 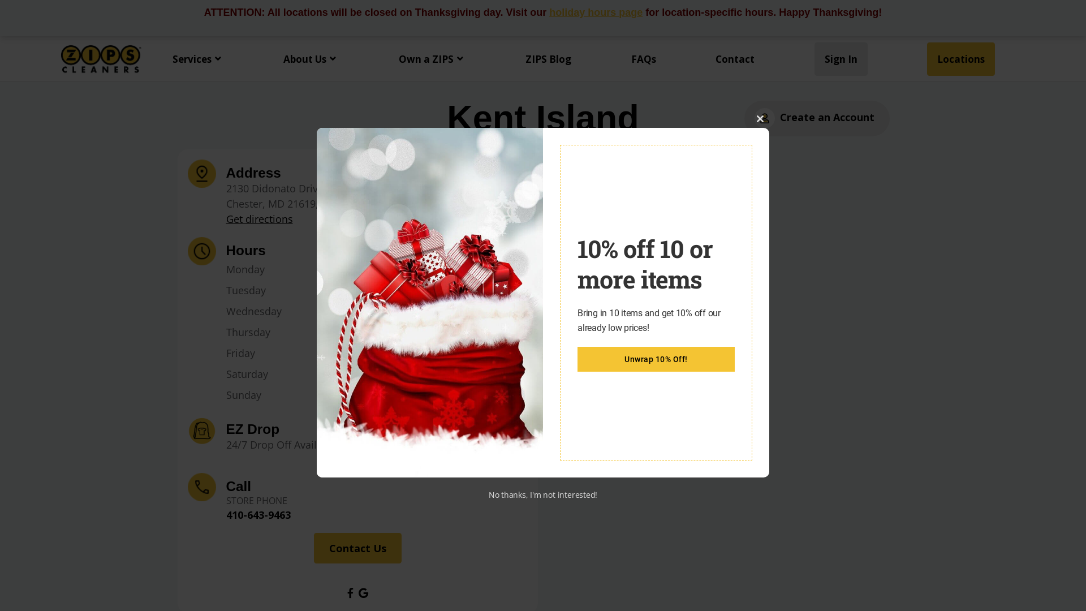 I want to click on 'Close this module', so click(x=760, y=118).